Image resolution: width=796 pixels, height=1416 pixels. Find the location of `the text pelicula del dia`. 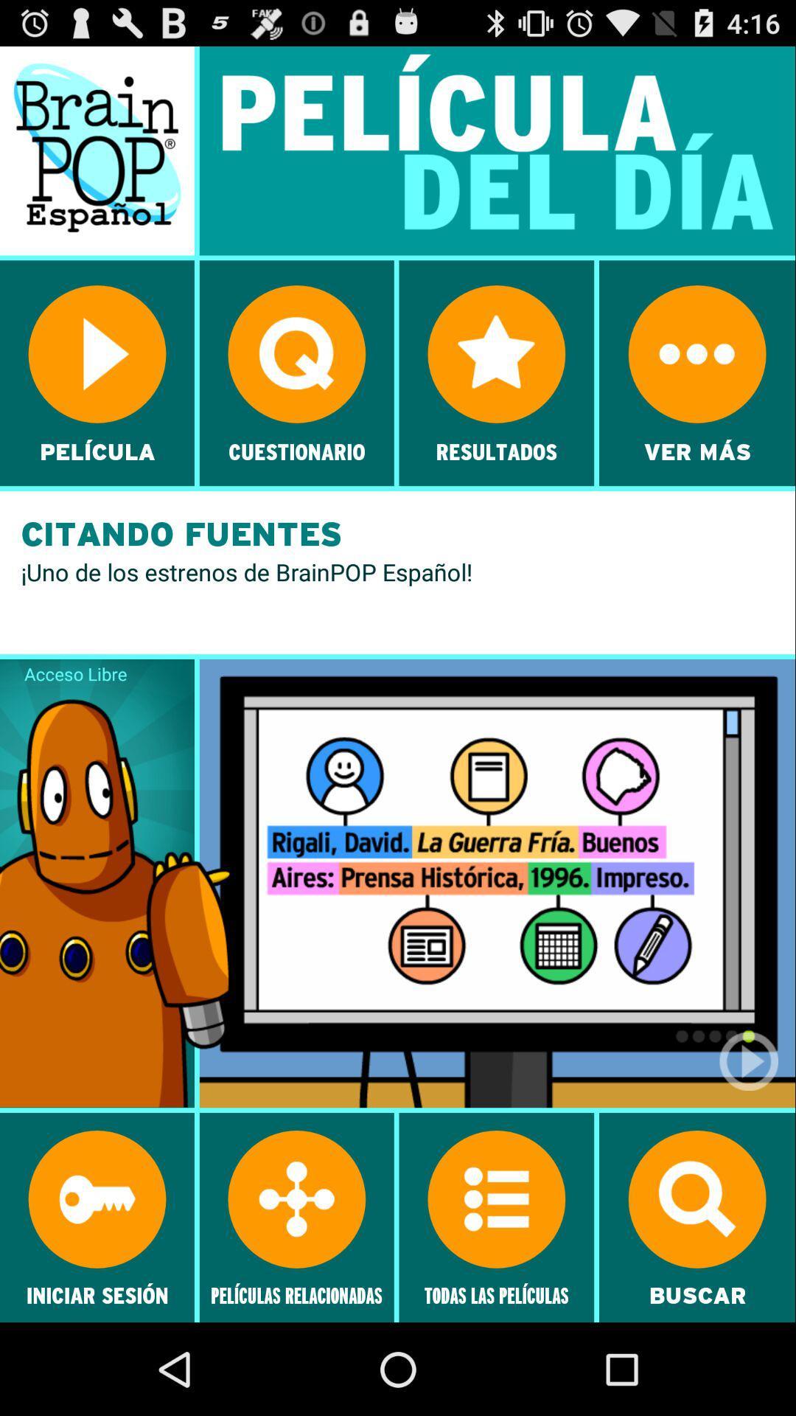

the text pelicula del dia is located at coordinates (497, 151).